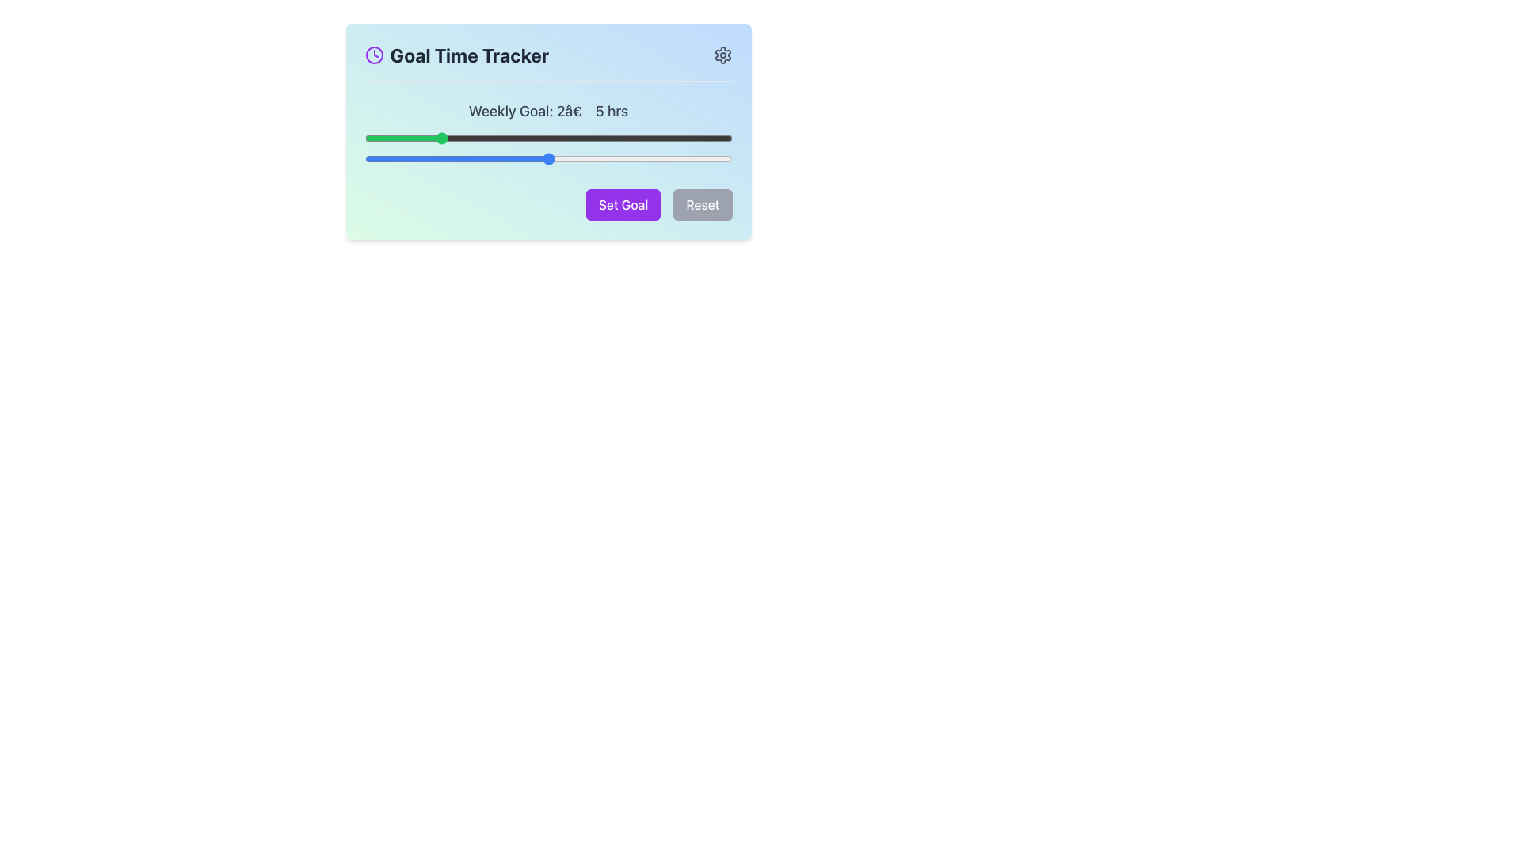 The width and height of the screenshot is (1521, 855). I want to click on the time slider, so click(696, 137).